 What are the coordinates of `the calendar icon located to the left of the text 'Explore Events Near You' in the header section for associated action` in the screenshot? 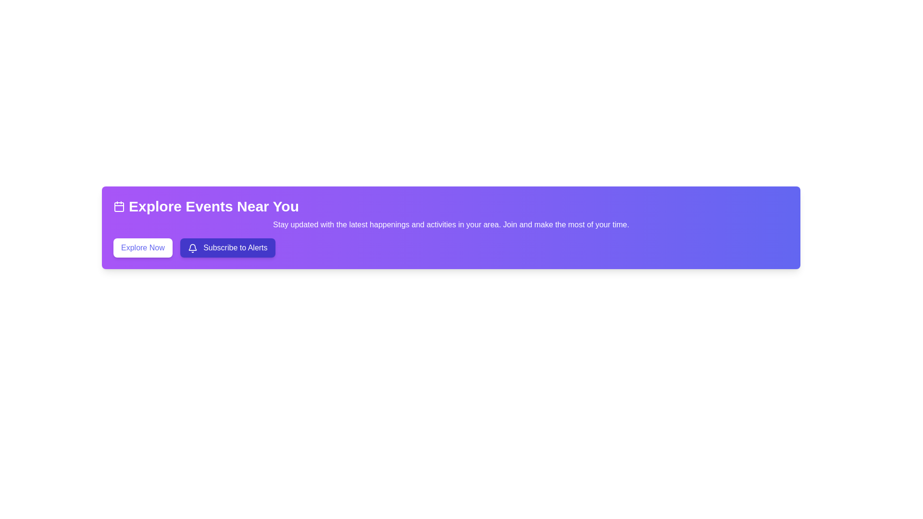 It's located at (119, 206).